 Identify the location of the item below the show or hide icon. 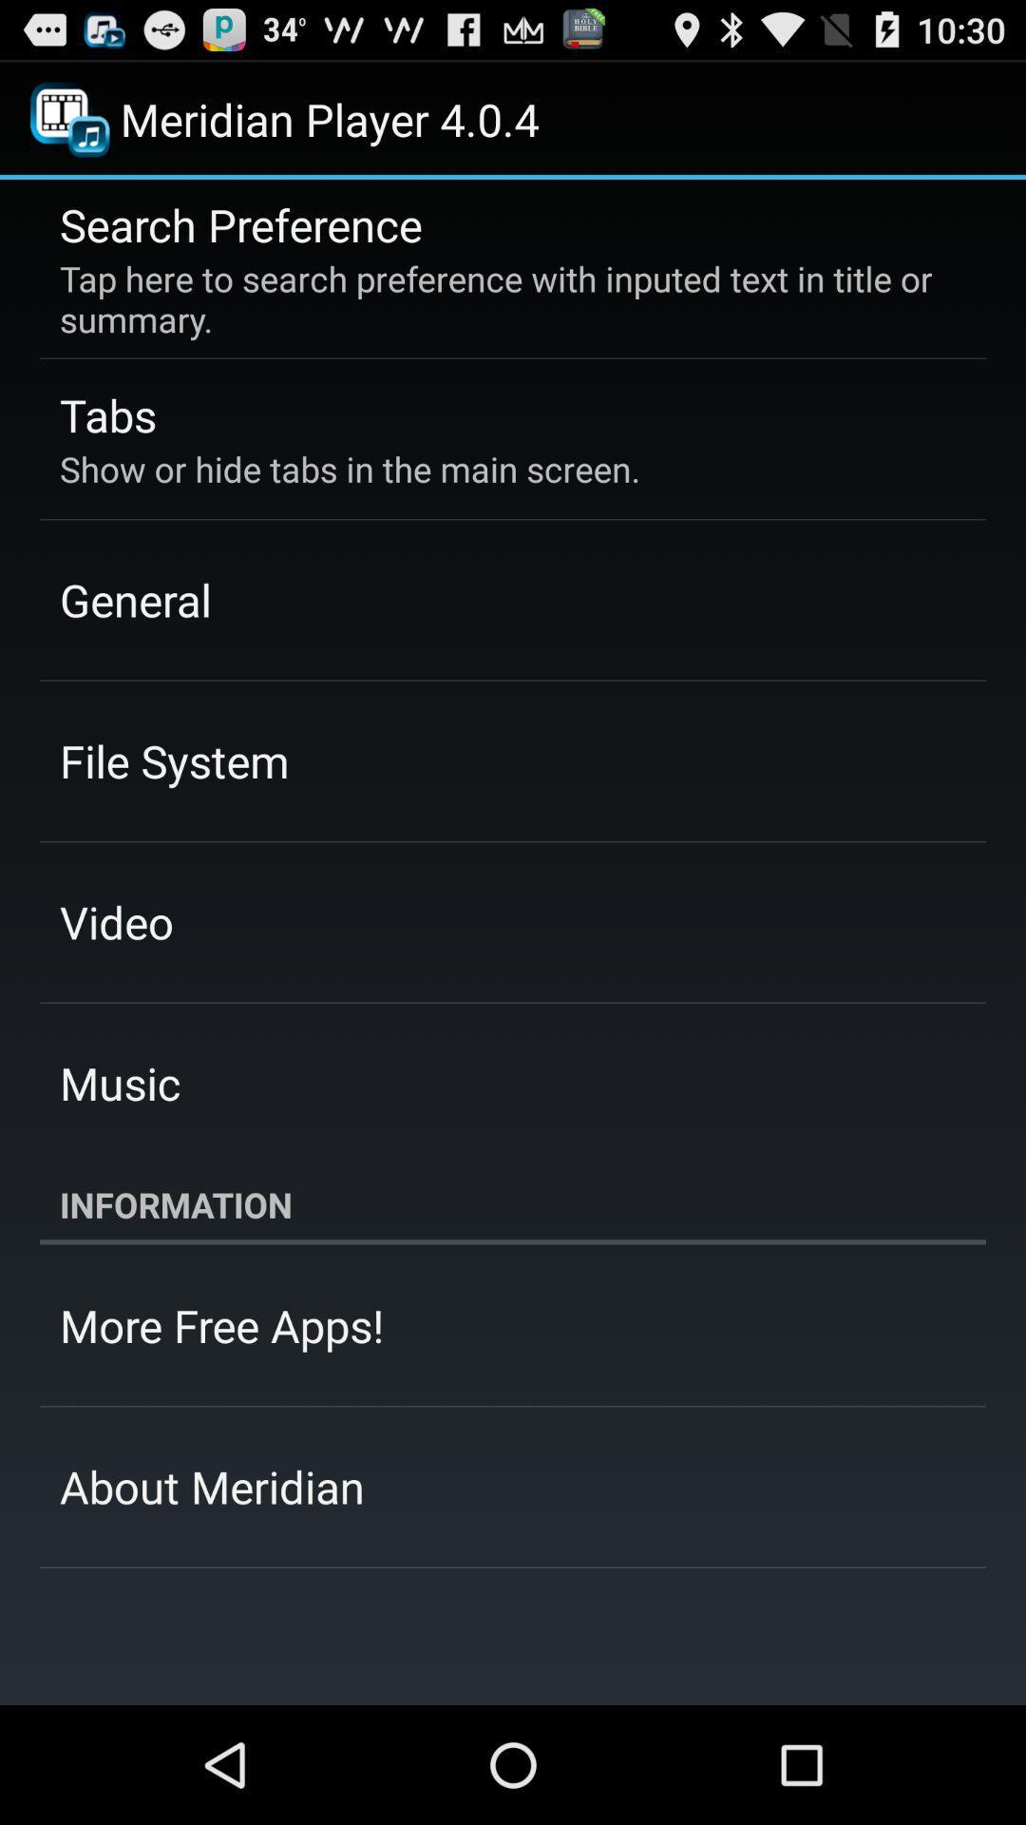
(134, 599).